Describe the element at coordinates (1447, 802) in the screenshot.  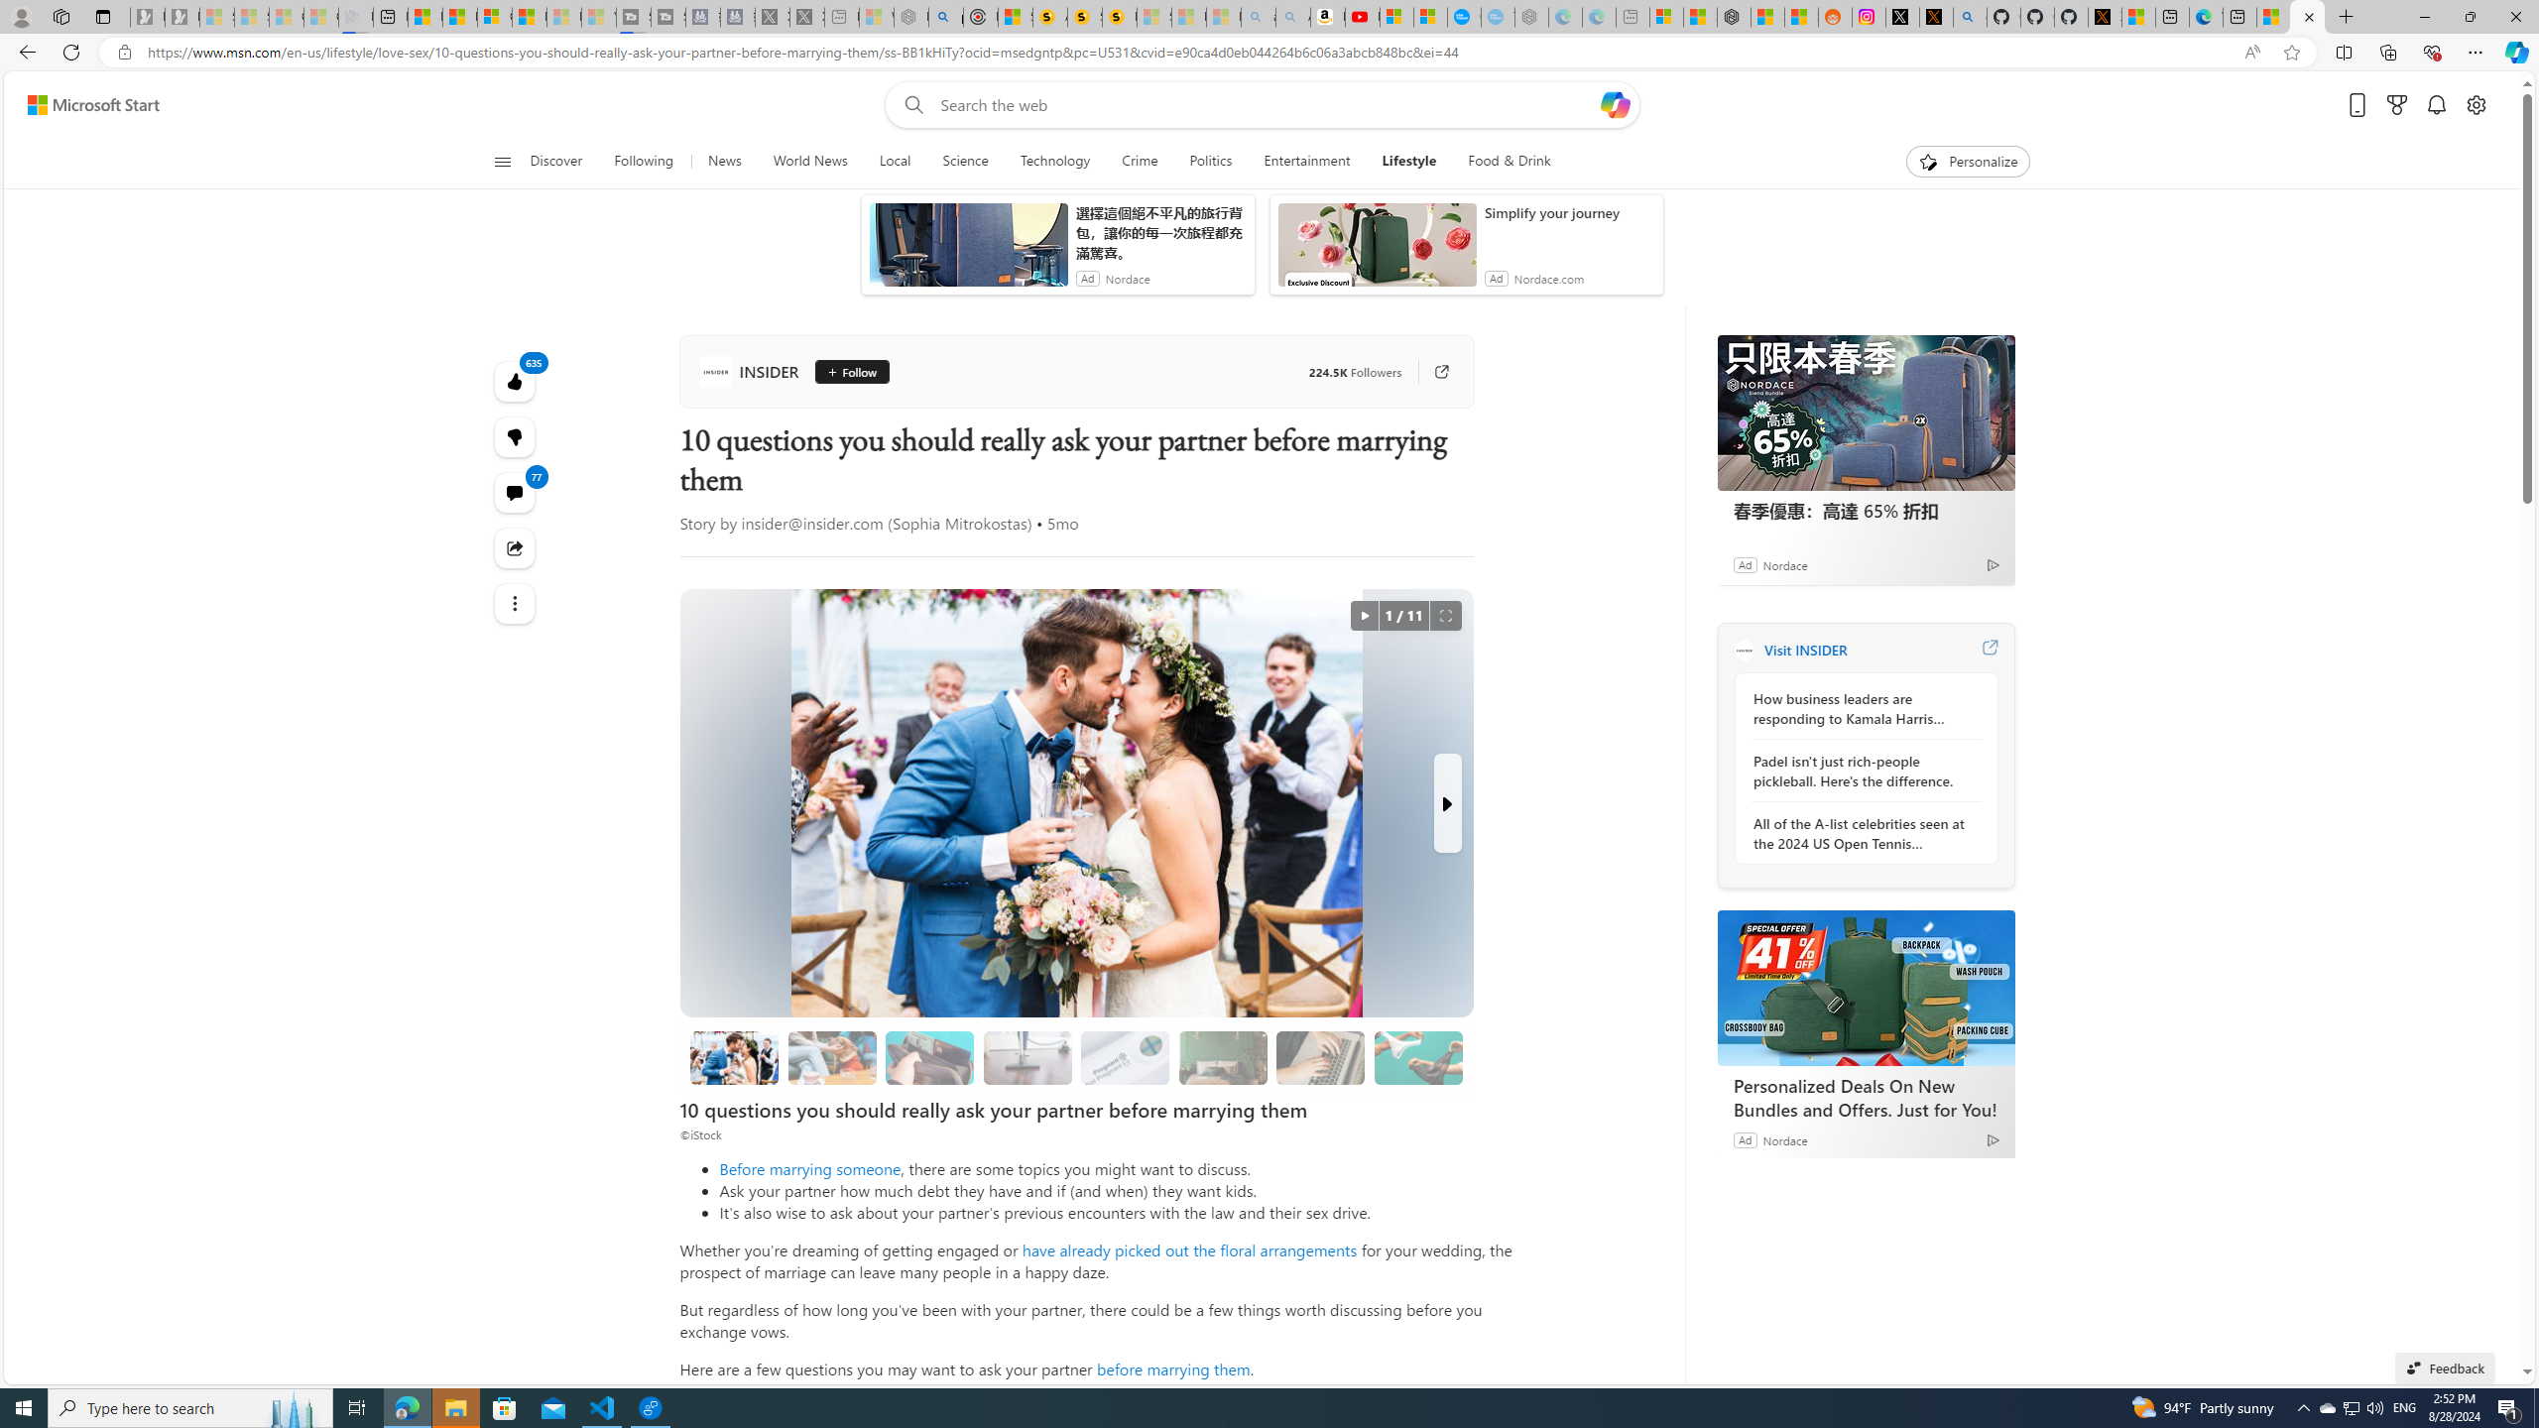
I see `'Next Slide'` at that location.